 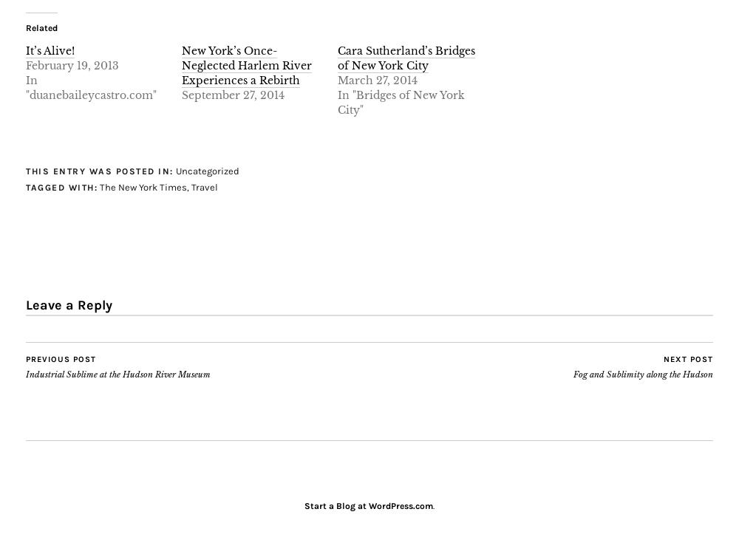 What do you see at coordinates (368, 505) in the screenshot?
I see `'Start a Blog at WordPress.com'` at bounding box center [368, 505].